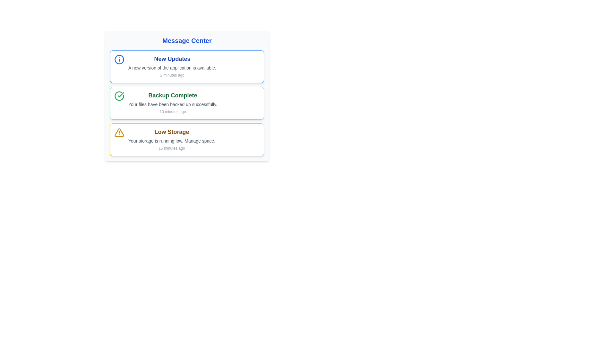  What do you see at coordinates (119, 132) in the screenshot?
I see `the warning icon for the 'Low Storage' notification panel, which is a triangle shape with a yellow border and an exclamation mark inside, located to the left of the text 'Low Storage'` at bounding box center [119, 132].